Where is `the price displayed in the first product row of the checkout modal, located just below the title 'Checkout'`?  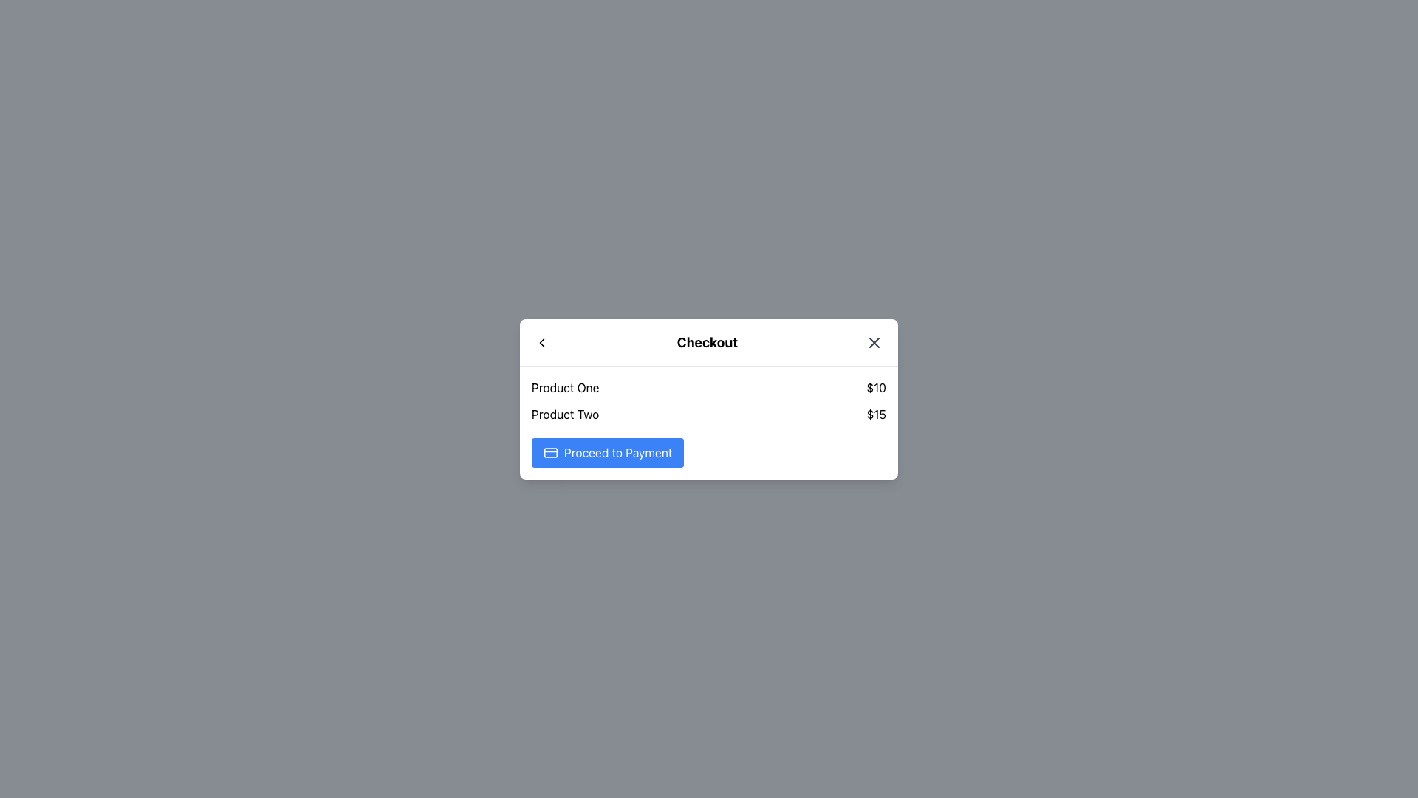 the price displayed in the first product row of the checkout modal, located just below the title 'Checkout' is located at coordinates (709, 386).